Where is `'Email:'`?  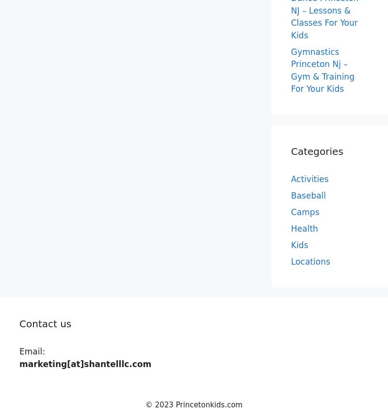
'Email:' is located at coordinates (32, 351).